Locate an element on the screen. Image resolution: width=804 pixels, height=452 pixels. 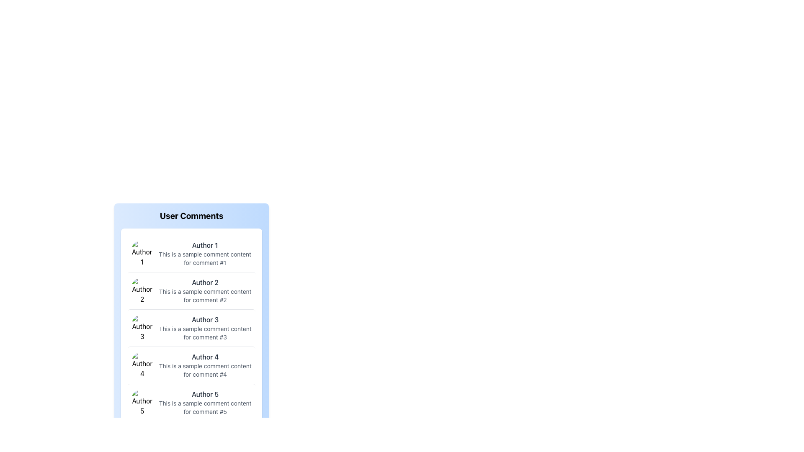
the comment entry by 'Author 2' displaying 'This is a sample comment content for comment #2', which is the second item in the comment list is located at coordinates (205, 290).